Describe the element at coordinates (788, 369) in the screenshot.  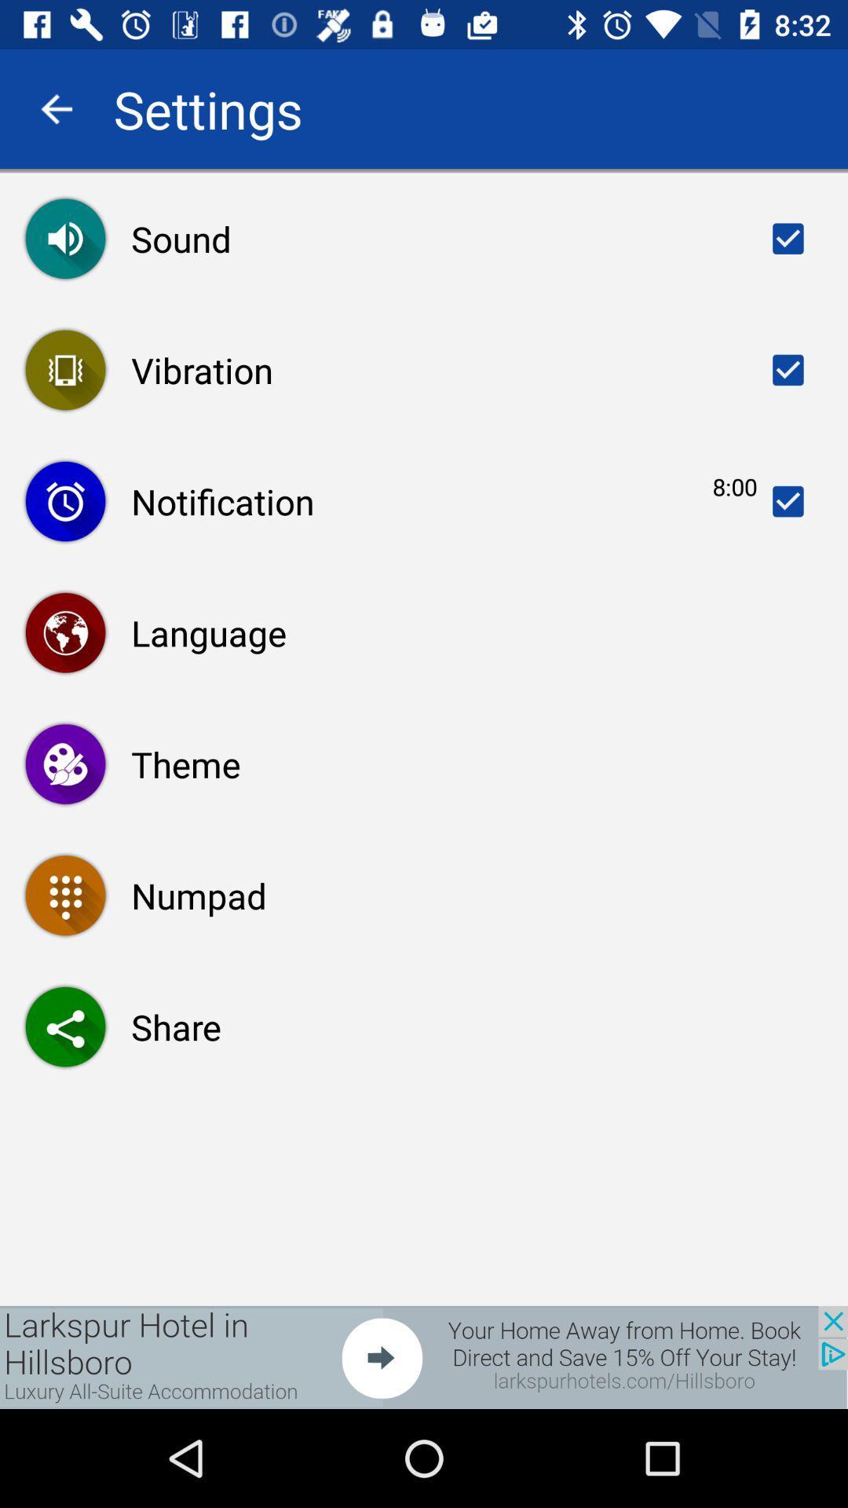
I see `the tick option beside the text vibration` at that location.